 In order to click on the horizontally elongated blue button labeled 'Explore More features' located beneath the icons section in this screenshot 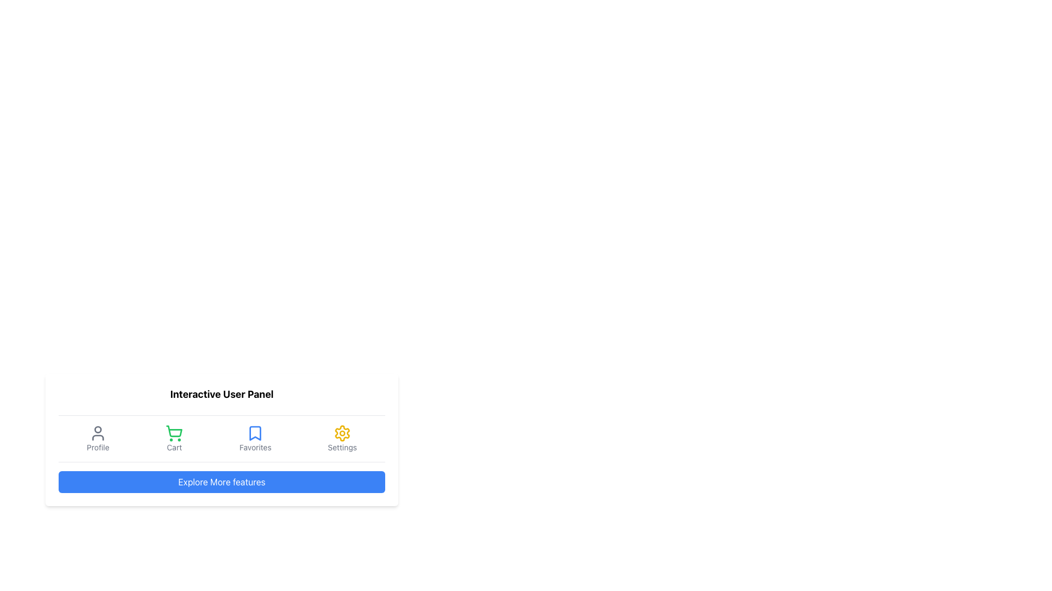, I will do `click(221, 481)`.